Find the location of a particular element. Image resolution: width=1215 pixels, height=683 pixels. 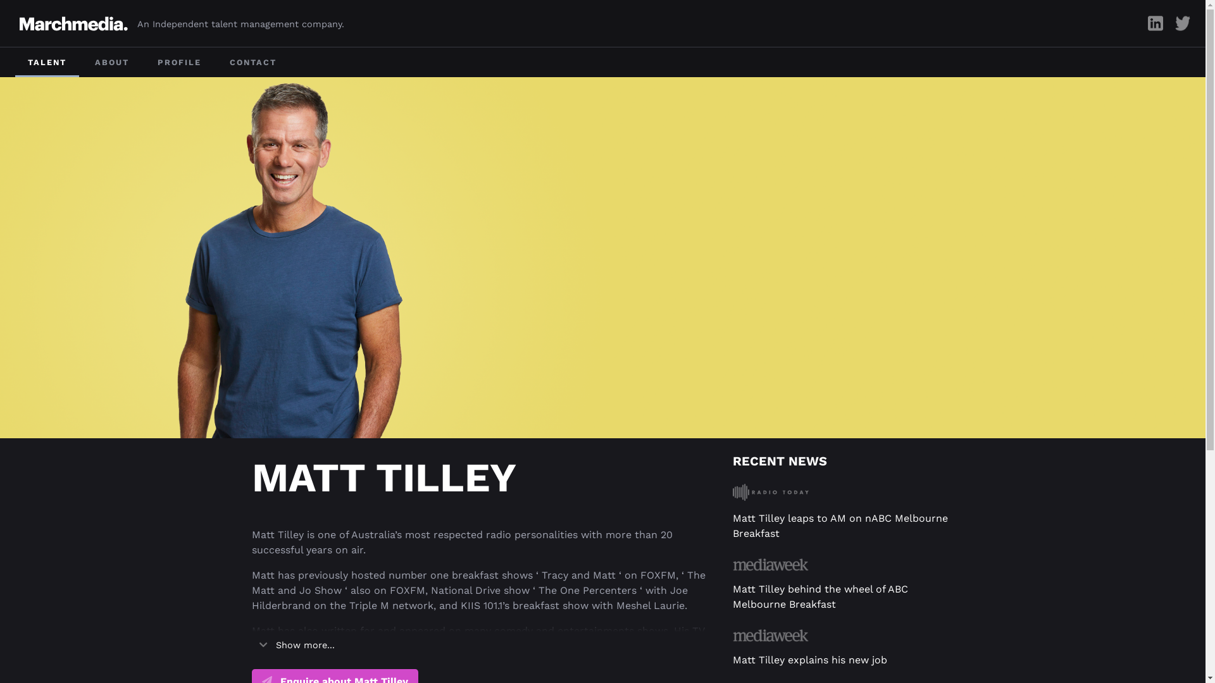

'CONTACT' is located at coordinates (216, 62).